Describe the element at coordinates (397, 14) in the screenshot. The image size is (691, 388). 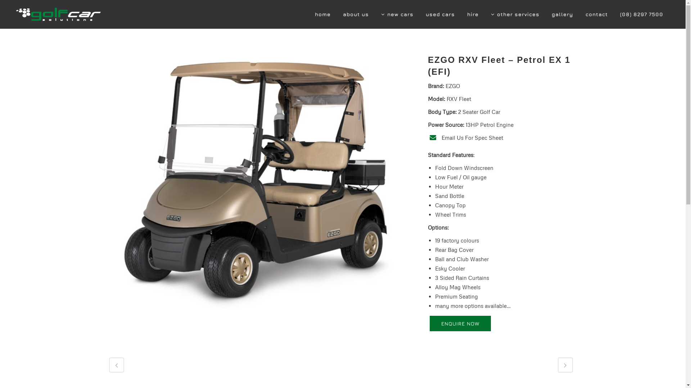
I see `'new cars'` at that location.